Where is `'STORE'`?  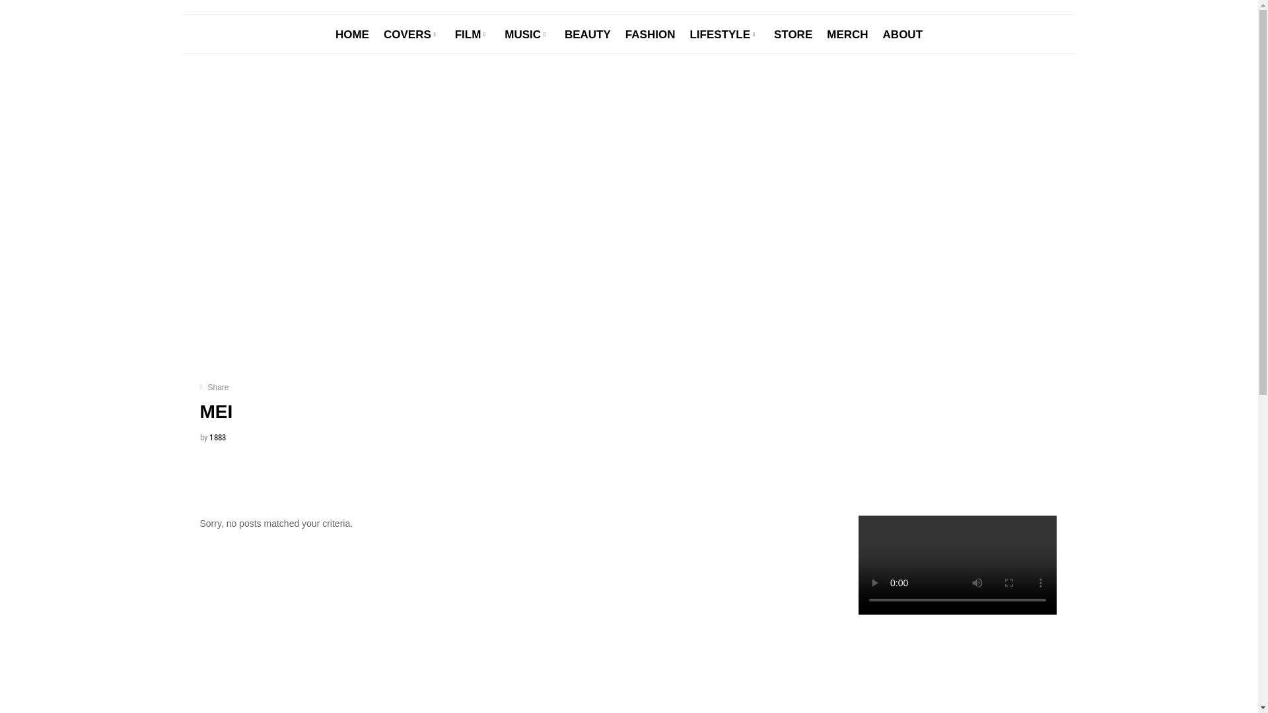 'STORE' is located at coordinates (767, 33).